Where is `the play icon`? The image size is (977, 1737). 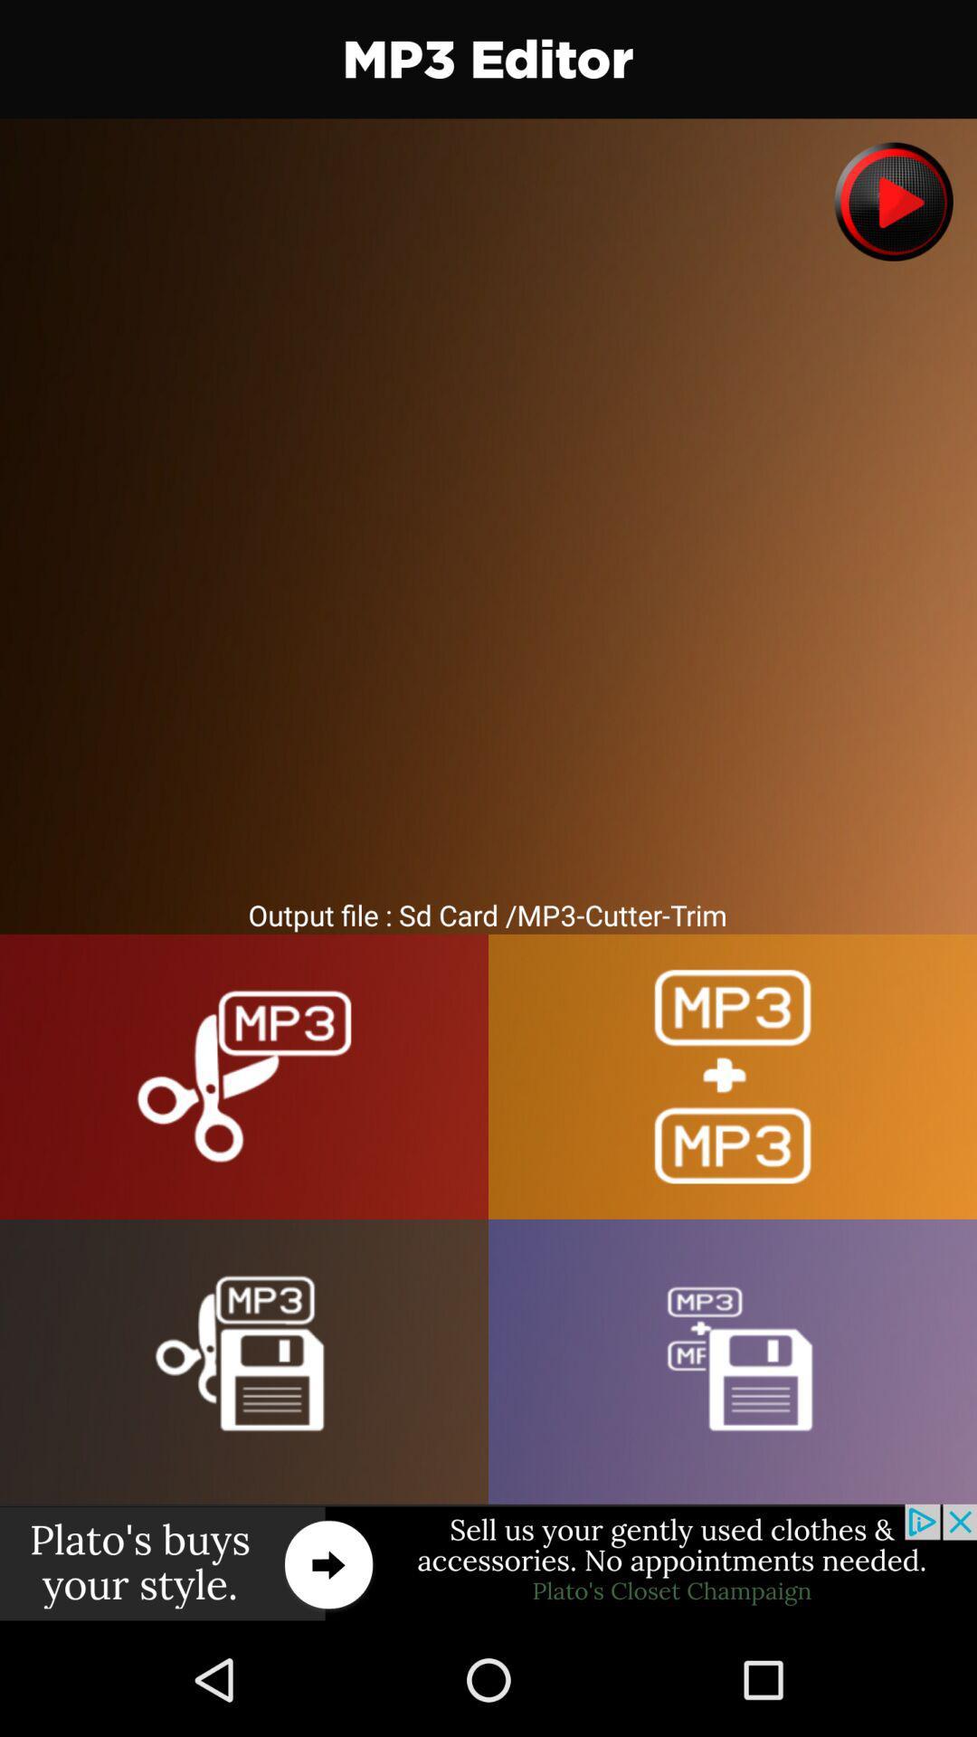
the play icon is located at coordinates (893, 202).